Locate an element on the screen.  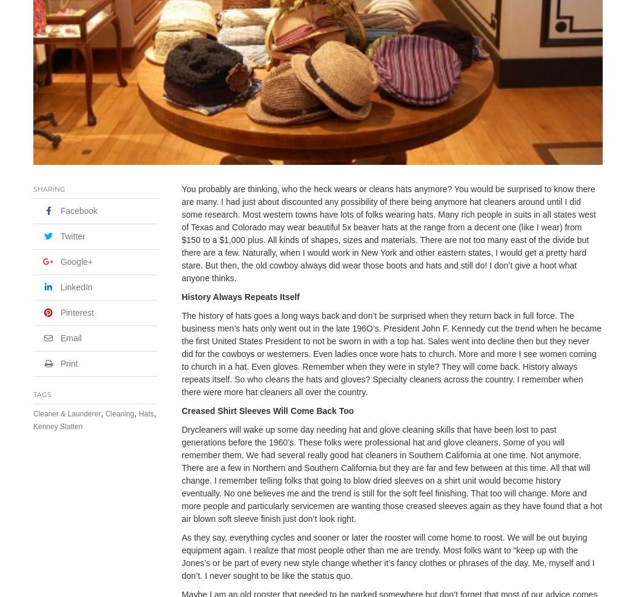
'Creased Shirt Sleeves Will' is located at coordinates (236, 410).